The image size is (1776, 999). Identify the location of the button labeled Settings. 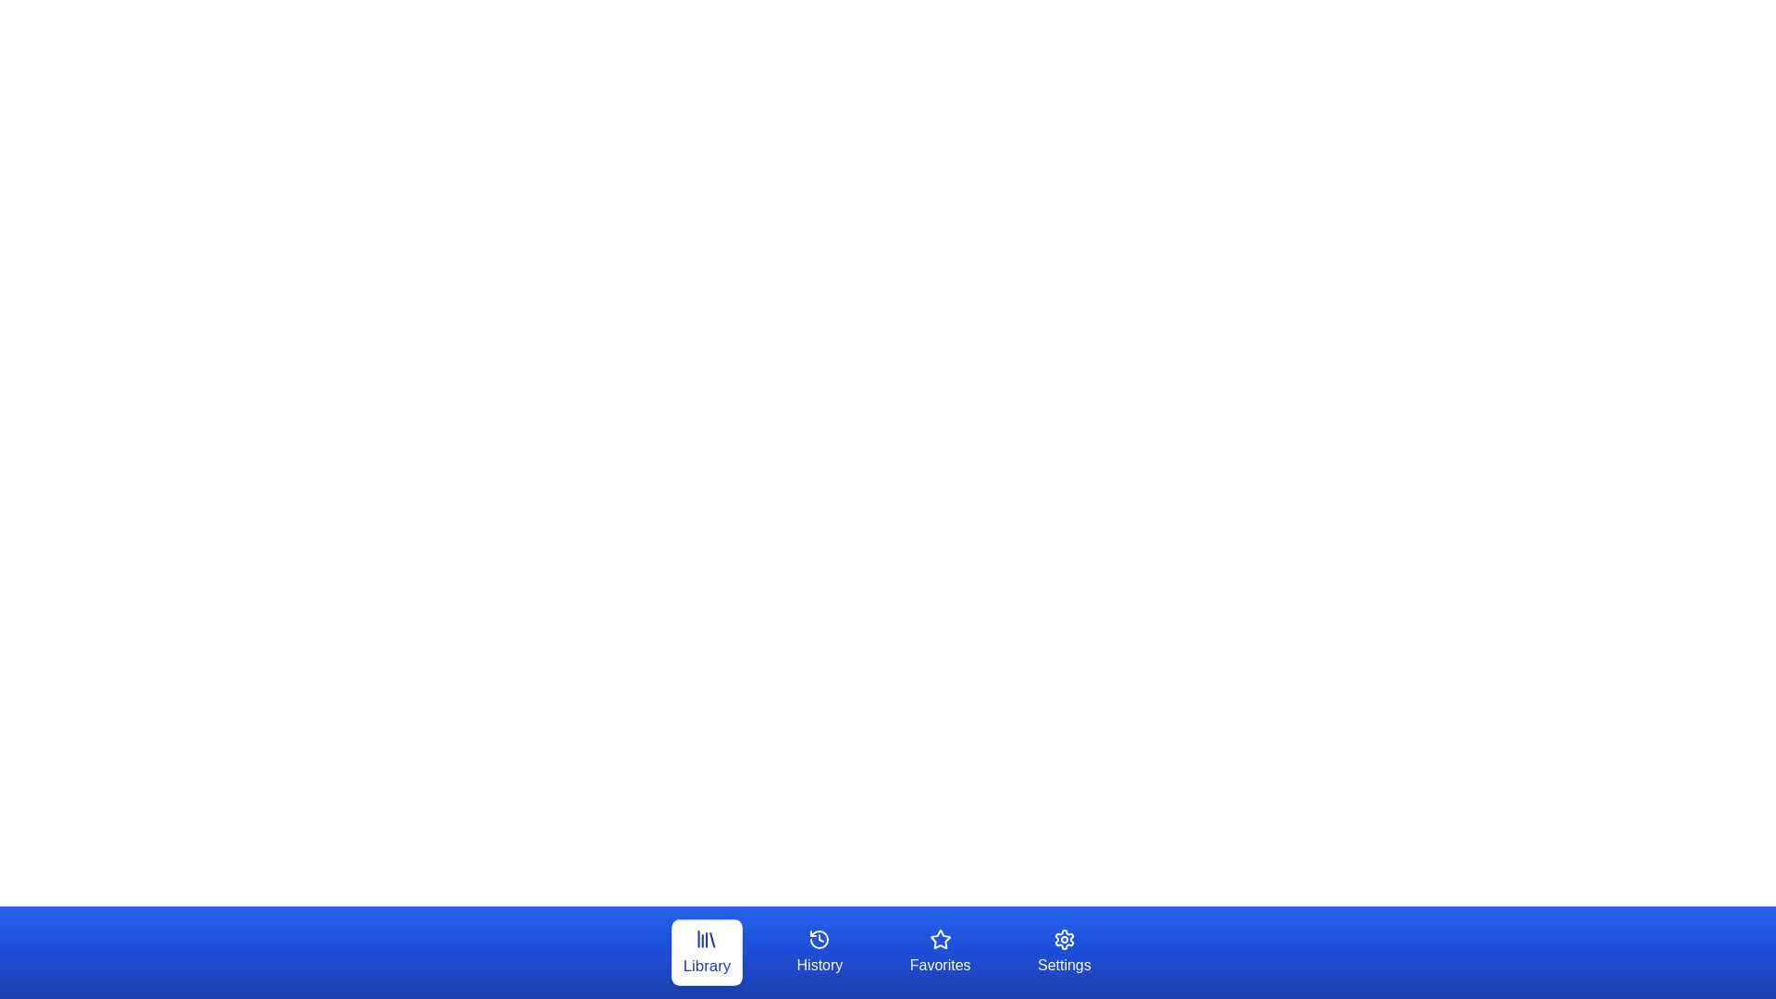
(1064, 952).